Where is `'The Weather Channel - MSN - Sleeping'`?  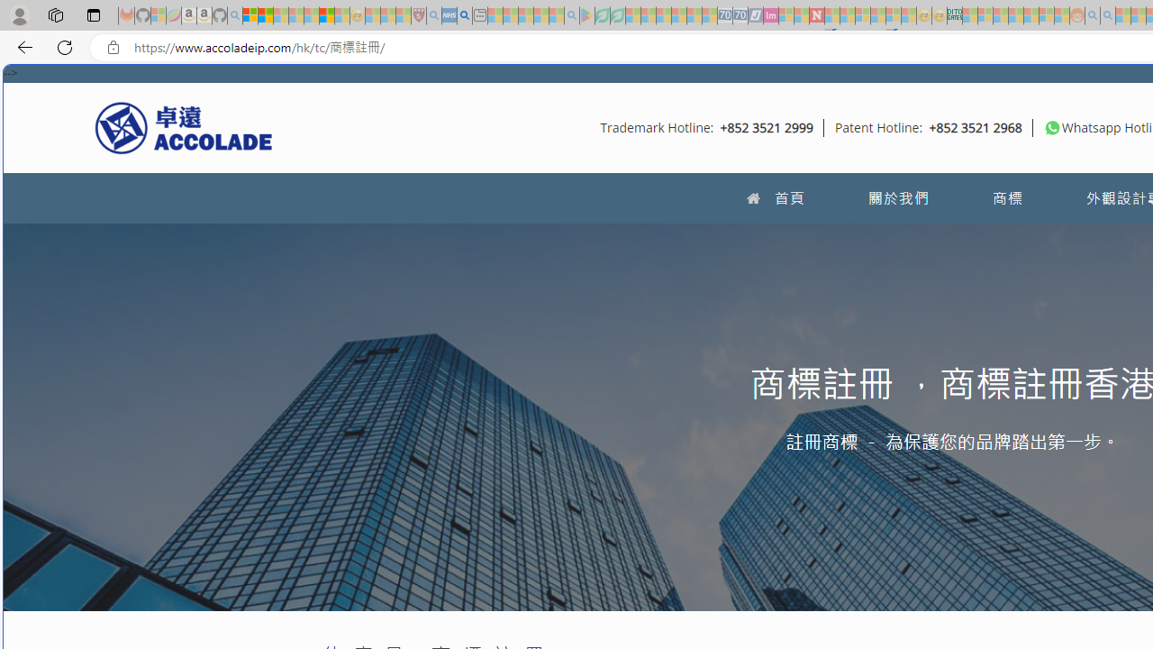
'The Weather Channel - MSN - Sleeping' is located at coordinates (279, 15).